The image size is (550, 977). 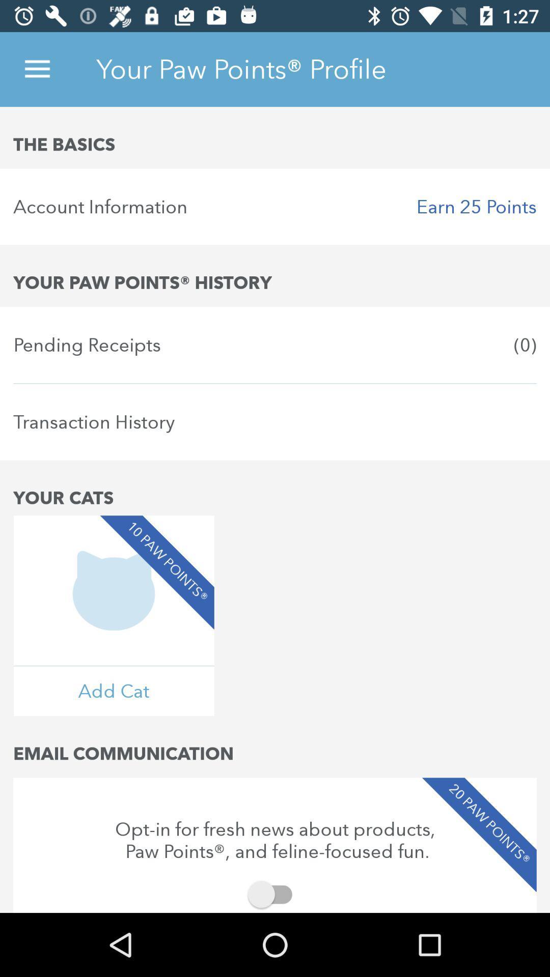 I want to click on the icon below the basics icon, so click(x=275, y=206).